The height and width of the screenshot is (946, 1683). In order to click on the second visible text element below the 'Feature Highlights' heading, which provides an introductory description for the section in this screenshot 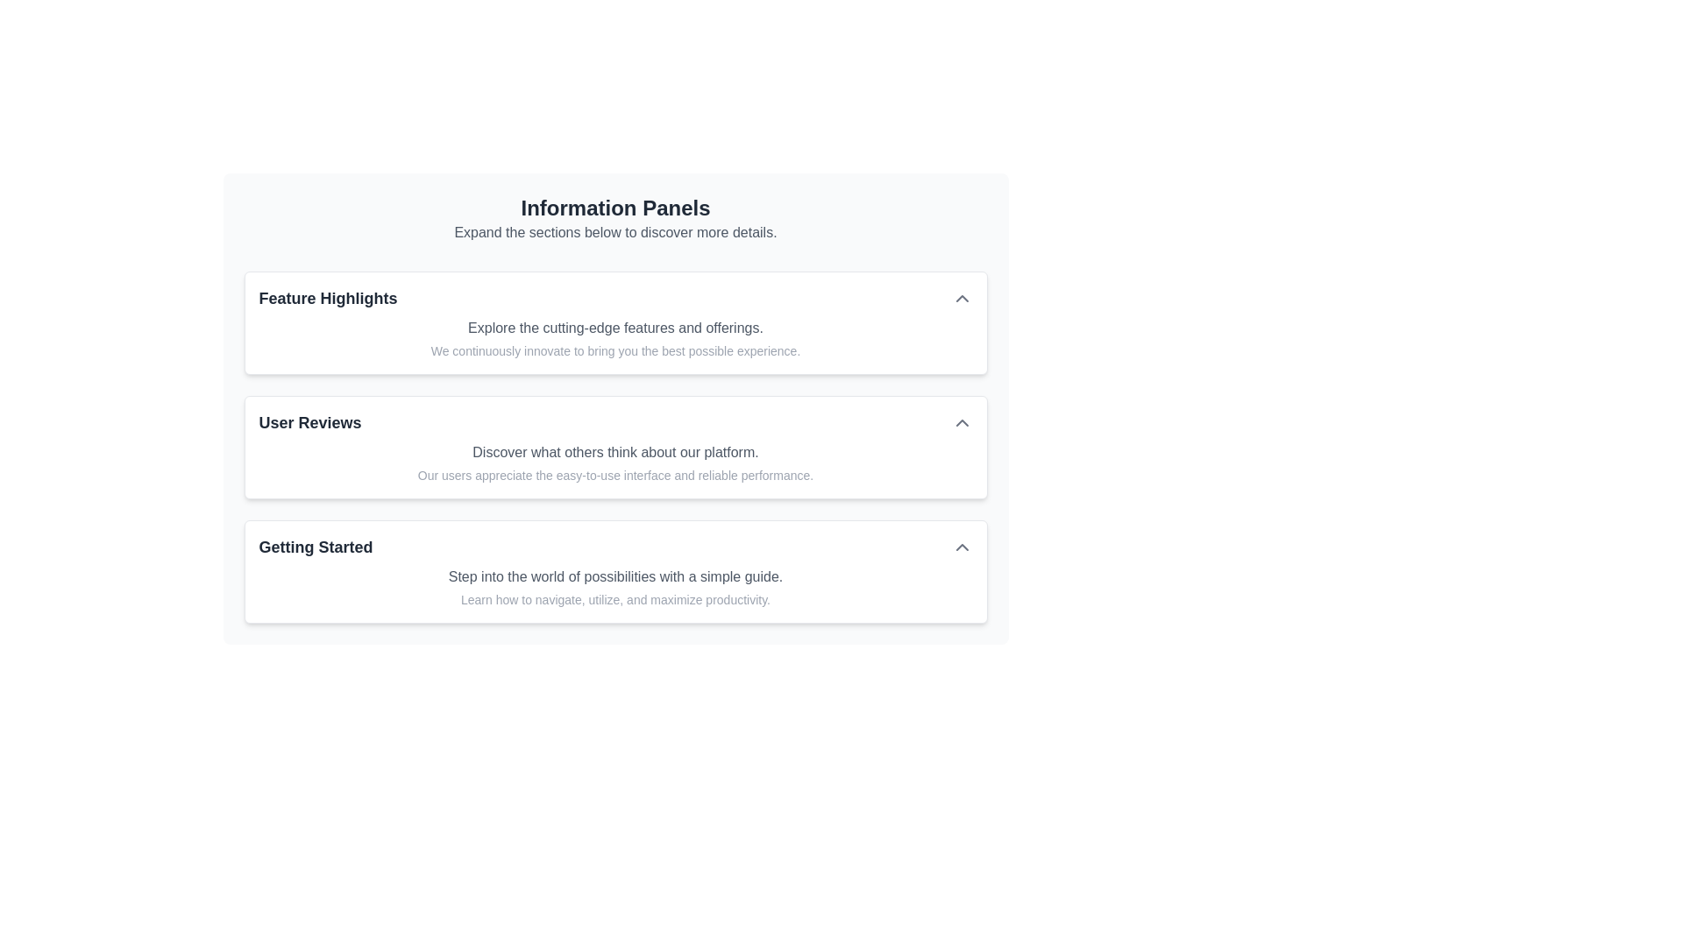, I will do `click(615, 328)`.